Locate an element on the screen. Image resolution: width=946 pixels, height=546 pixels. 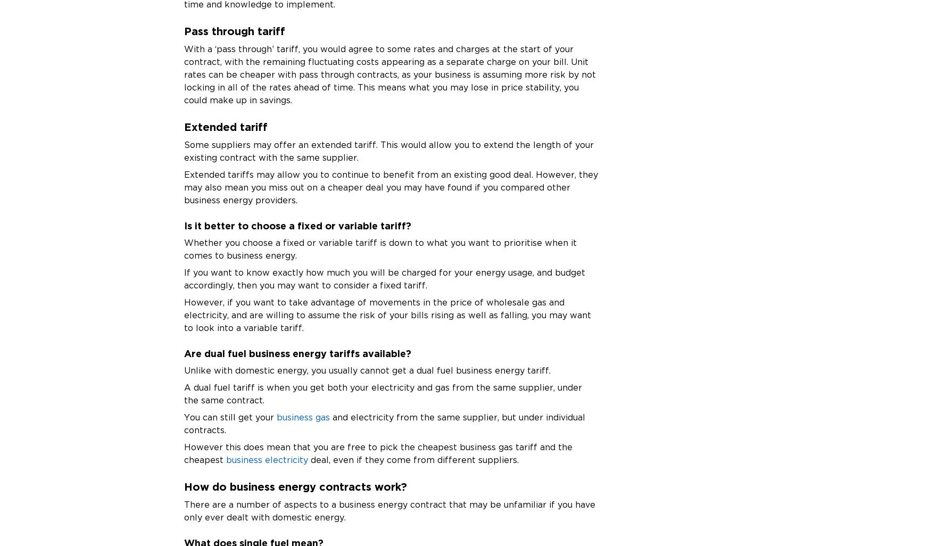
'Some suppliers may offer an extended tariff. This would allow you to extend the length of your existing contract with the same supplier.' is located at coordinates (388, 150).